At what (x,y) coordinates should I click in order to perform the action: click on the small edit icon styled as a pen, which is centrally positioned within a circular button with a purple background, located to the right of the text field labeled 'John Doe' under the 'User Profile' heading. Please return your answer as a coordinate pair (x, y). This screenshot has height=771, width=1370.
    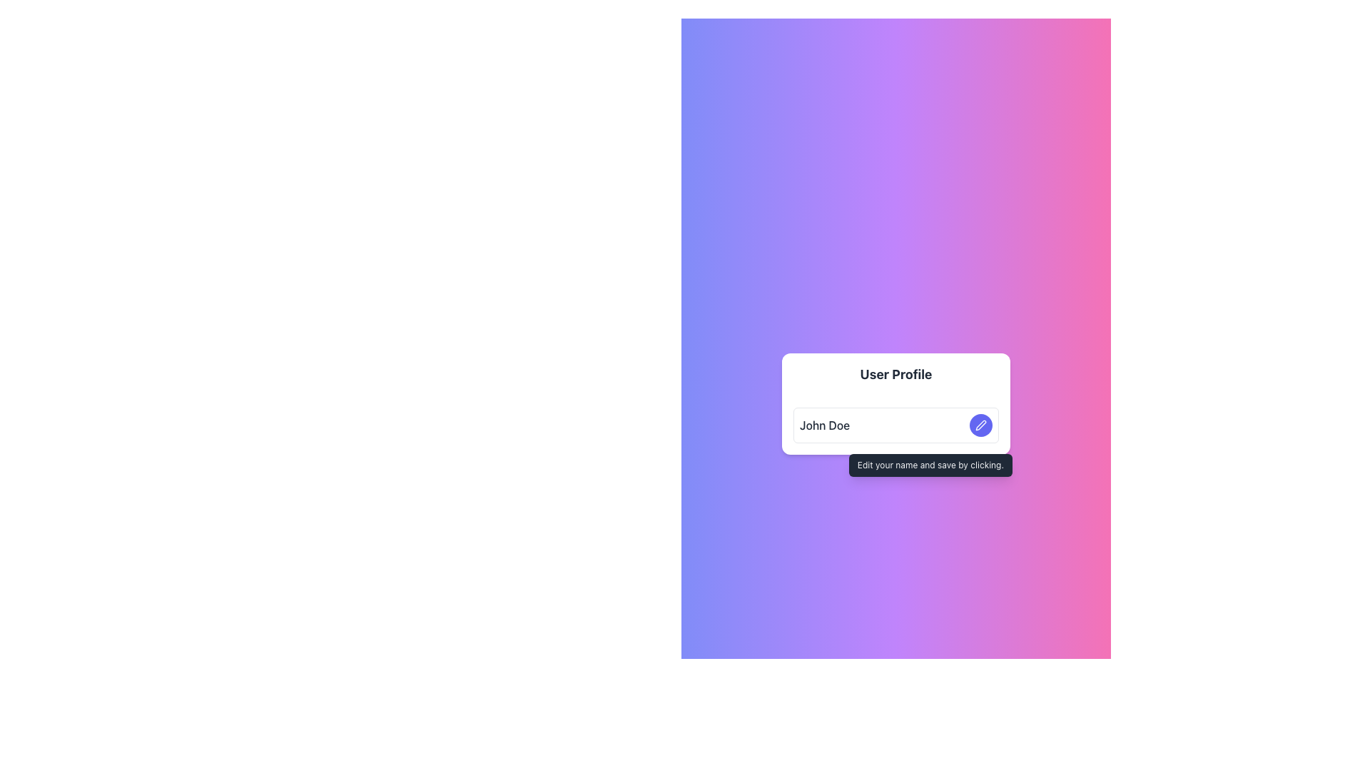
    Looking at the image, I should click on (980, 425).